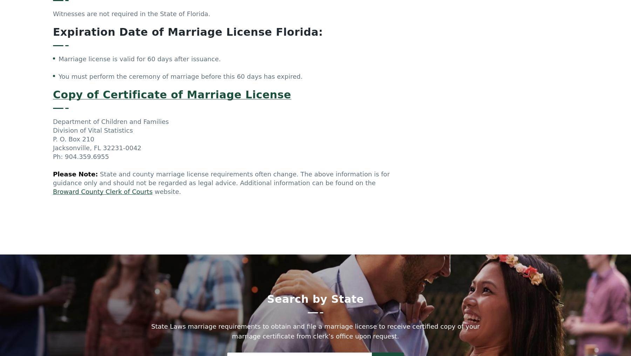  What do you see at coordinates (387, 200) in the screenshot?
I see `'Go'` at bounding box center [387, 200].